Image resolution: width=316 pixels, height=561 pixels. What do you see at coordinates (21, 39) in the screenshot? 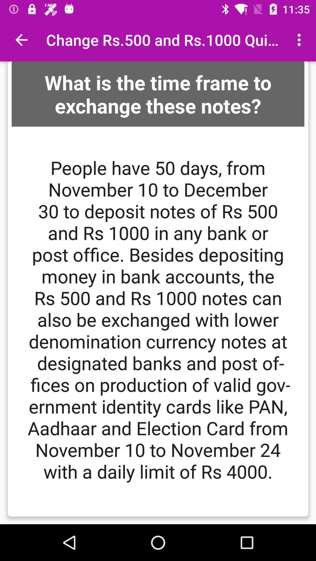
I see `the app next to change rs 500 icon` at bounding box center [21, 39].